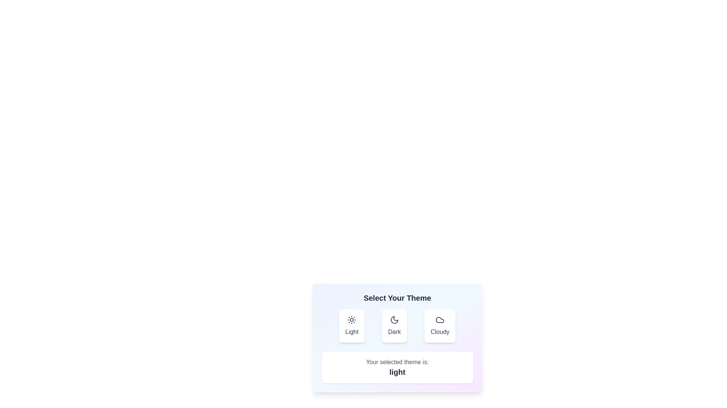  Describe the element at coordinates (397, 298) in the screenshot. I see `the textual header displaying 'Select Your Theme' in bold and large font, positioned at the top of its containing card interface` at that location.